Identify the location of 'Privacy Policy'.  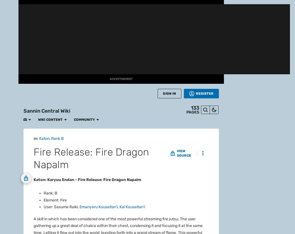
(172, 203).